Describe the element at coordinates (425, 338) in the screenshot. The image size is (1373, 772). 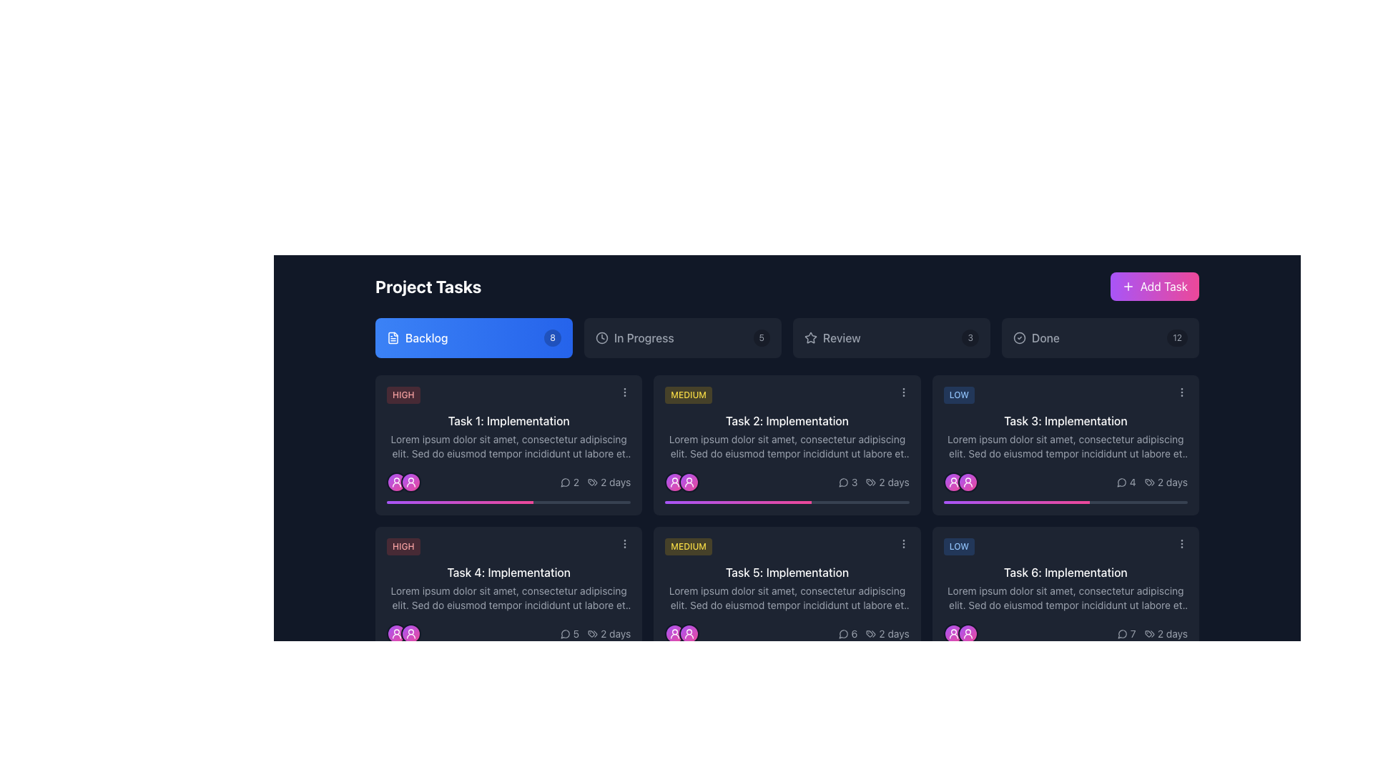
I see `the 'Backlog' label, which is located in the top-left portion of the interface, adjacent to a document icon and a numeric marker badge` at that location.